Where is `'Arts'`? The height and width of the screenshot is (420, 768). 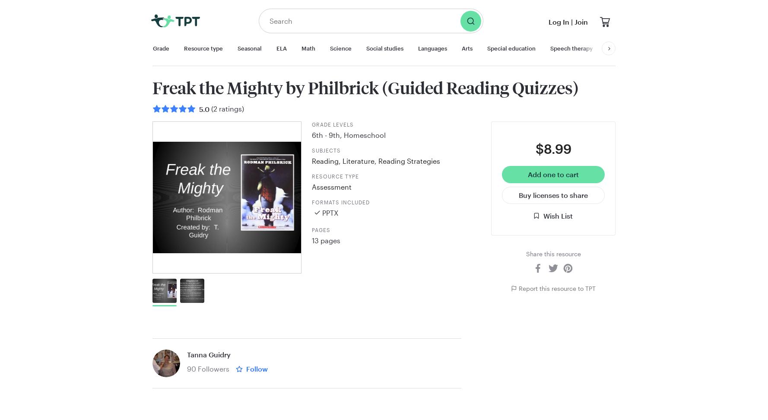
'Arts' is located at coordinates (467, 48).